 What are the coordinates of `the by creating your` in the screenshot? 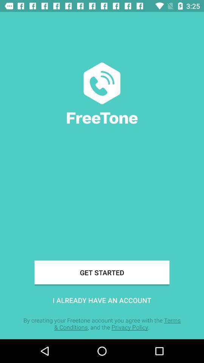 It's located at (102, 323).